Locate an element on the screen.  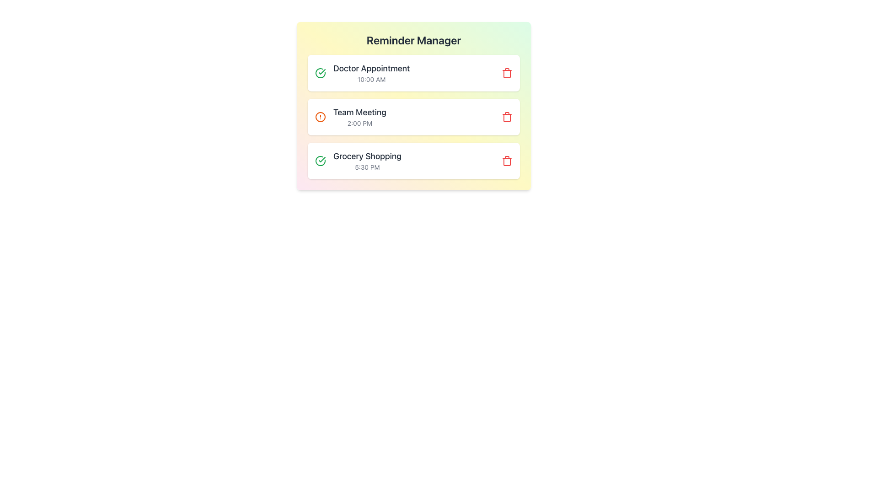
the clickable icon to delete the task titled 'Team Meeting' is located at coordinates (506, 116).